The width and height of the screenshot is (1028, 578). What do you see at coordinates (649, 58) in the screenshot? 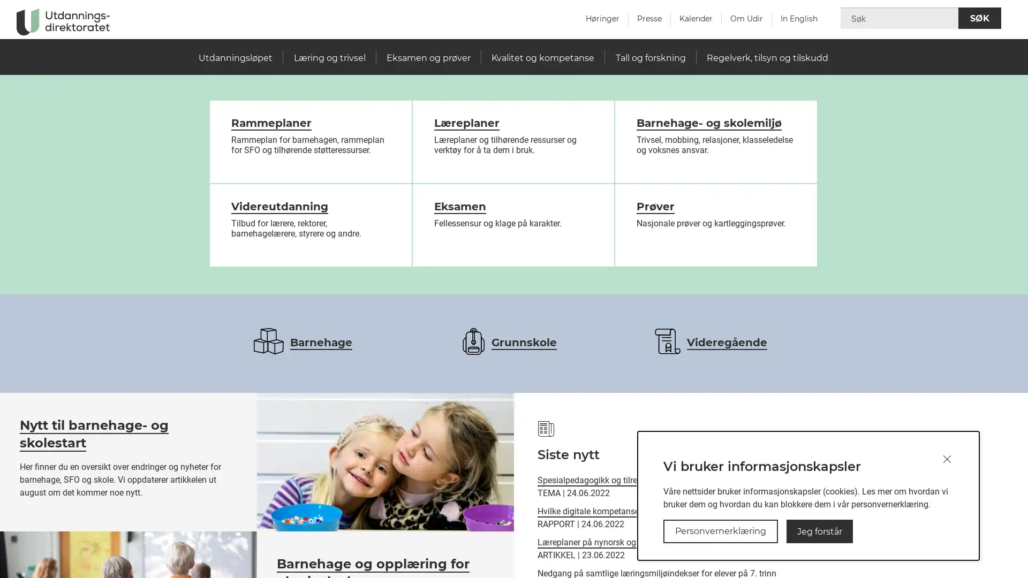
I see `Tall og forskning` at bounding box center [649, 58].